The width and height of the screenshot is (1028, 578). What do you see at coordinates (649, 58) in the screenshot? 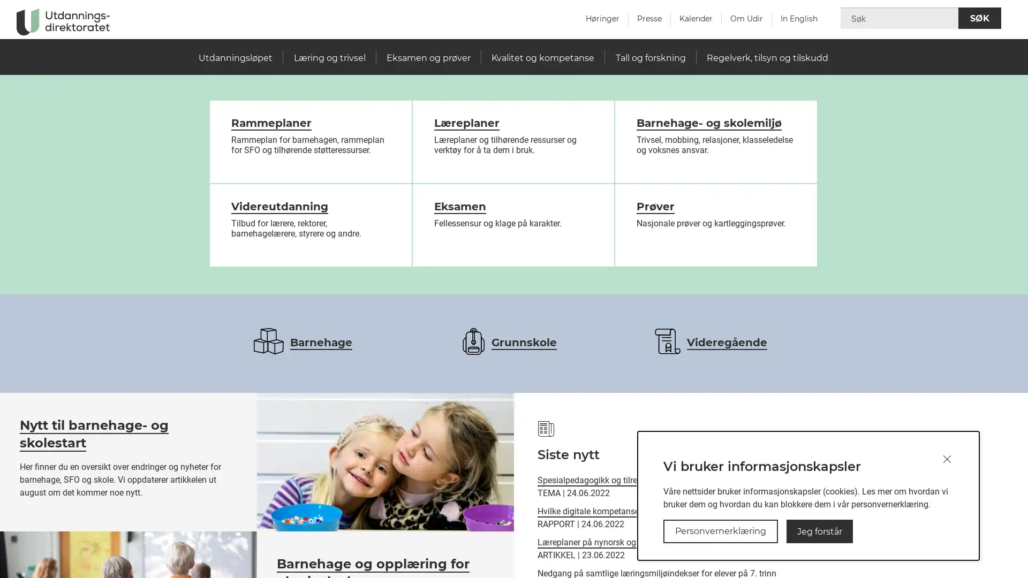
I see `Tall og forskning` at bounding box center [649, 58].